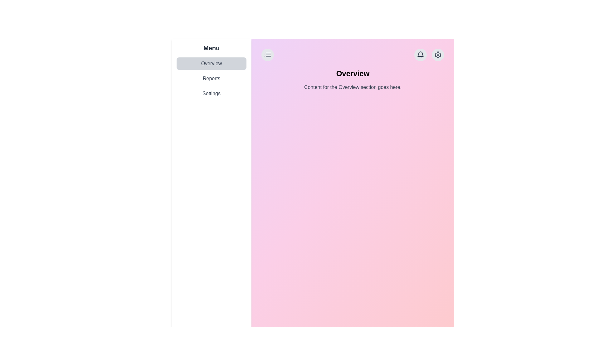 The width and height of the screenshot is (599, 337). Describe the element at coordinates (211, 78) in the screenshot. I see `the second button in the vertical menu labeled 'Menu' to change its background color` at that location.